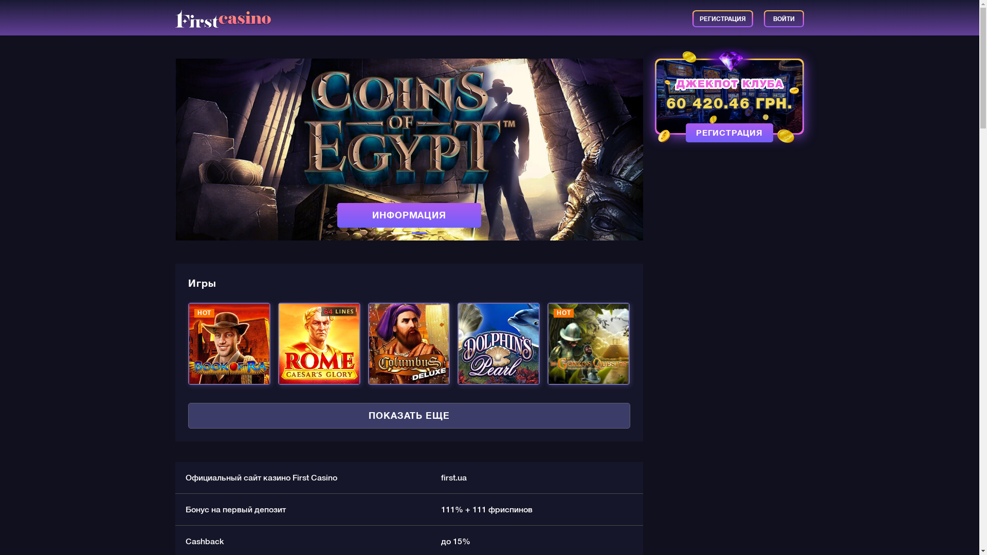 The height and width of the screenshot is (555, 987). Describe the element at coordinates (419, 233) in the screenshot. I see `'2'` at that location.